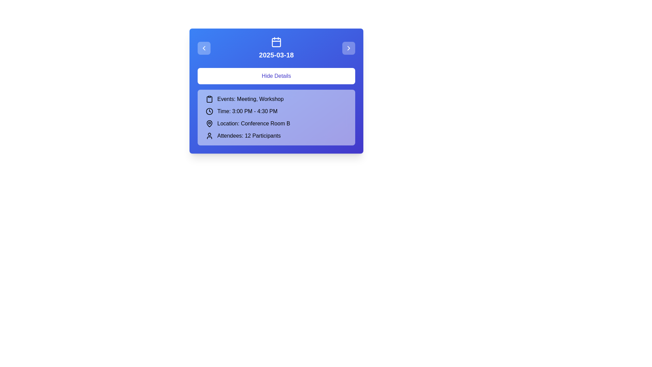 The height and width of the screenshot is (367, 652). Describe the element at coordinates (250, 99) in the screenshot. I see `the Text label that provides information about scheduled events, specifically 'Meeting' and 'Workshop', located below the title '2025-03-18' and the button labeled 'Hide Details'` at that location.